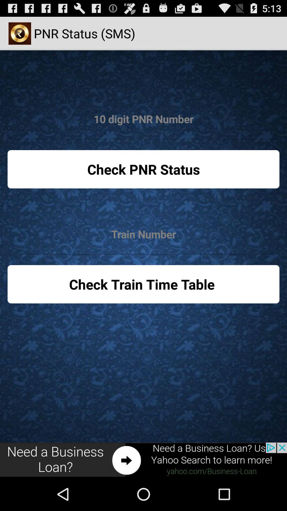 The height and width of the screenshot is (511, 287). I want to click on find train number, so click(143, 234).